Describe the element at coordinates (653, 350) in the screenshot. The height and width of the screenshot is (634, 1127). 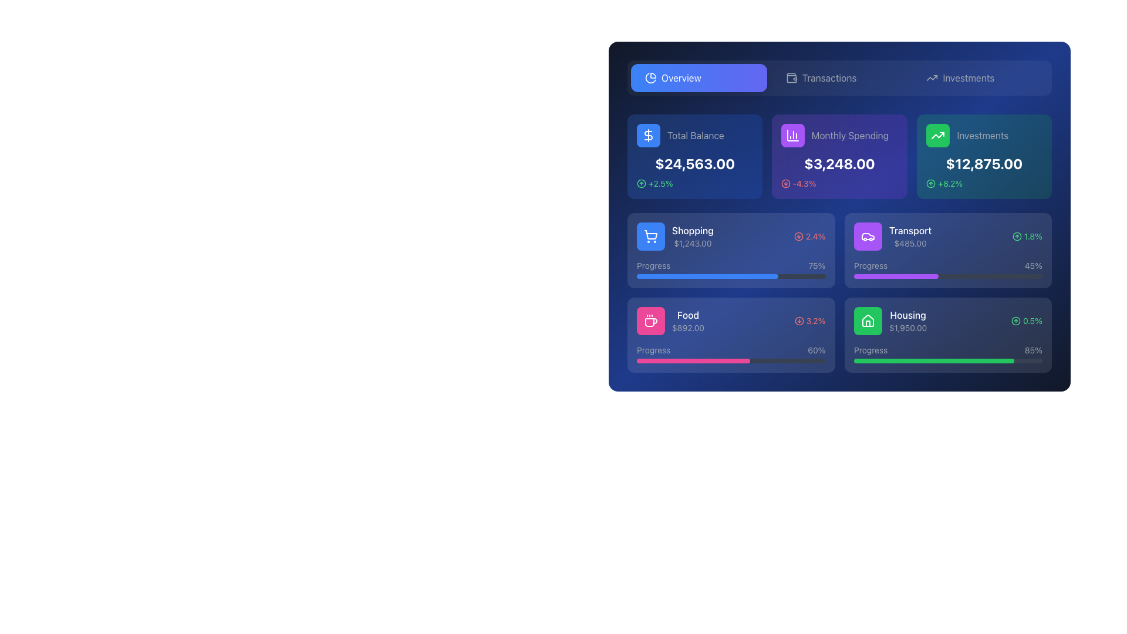
I see `the descriptive label in the 'Food' section of the dashboard that provides context for the progress bar and is positioned to the left of the numeric value '60%` at that location.